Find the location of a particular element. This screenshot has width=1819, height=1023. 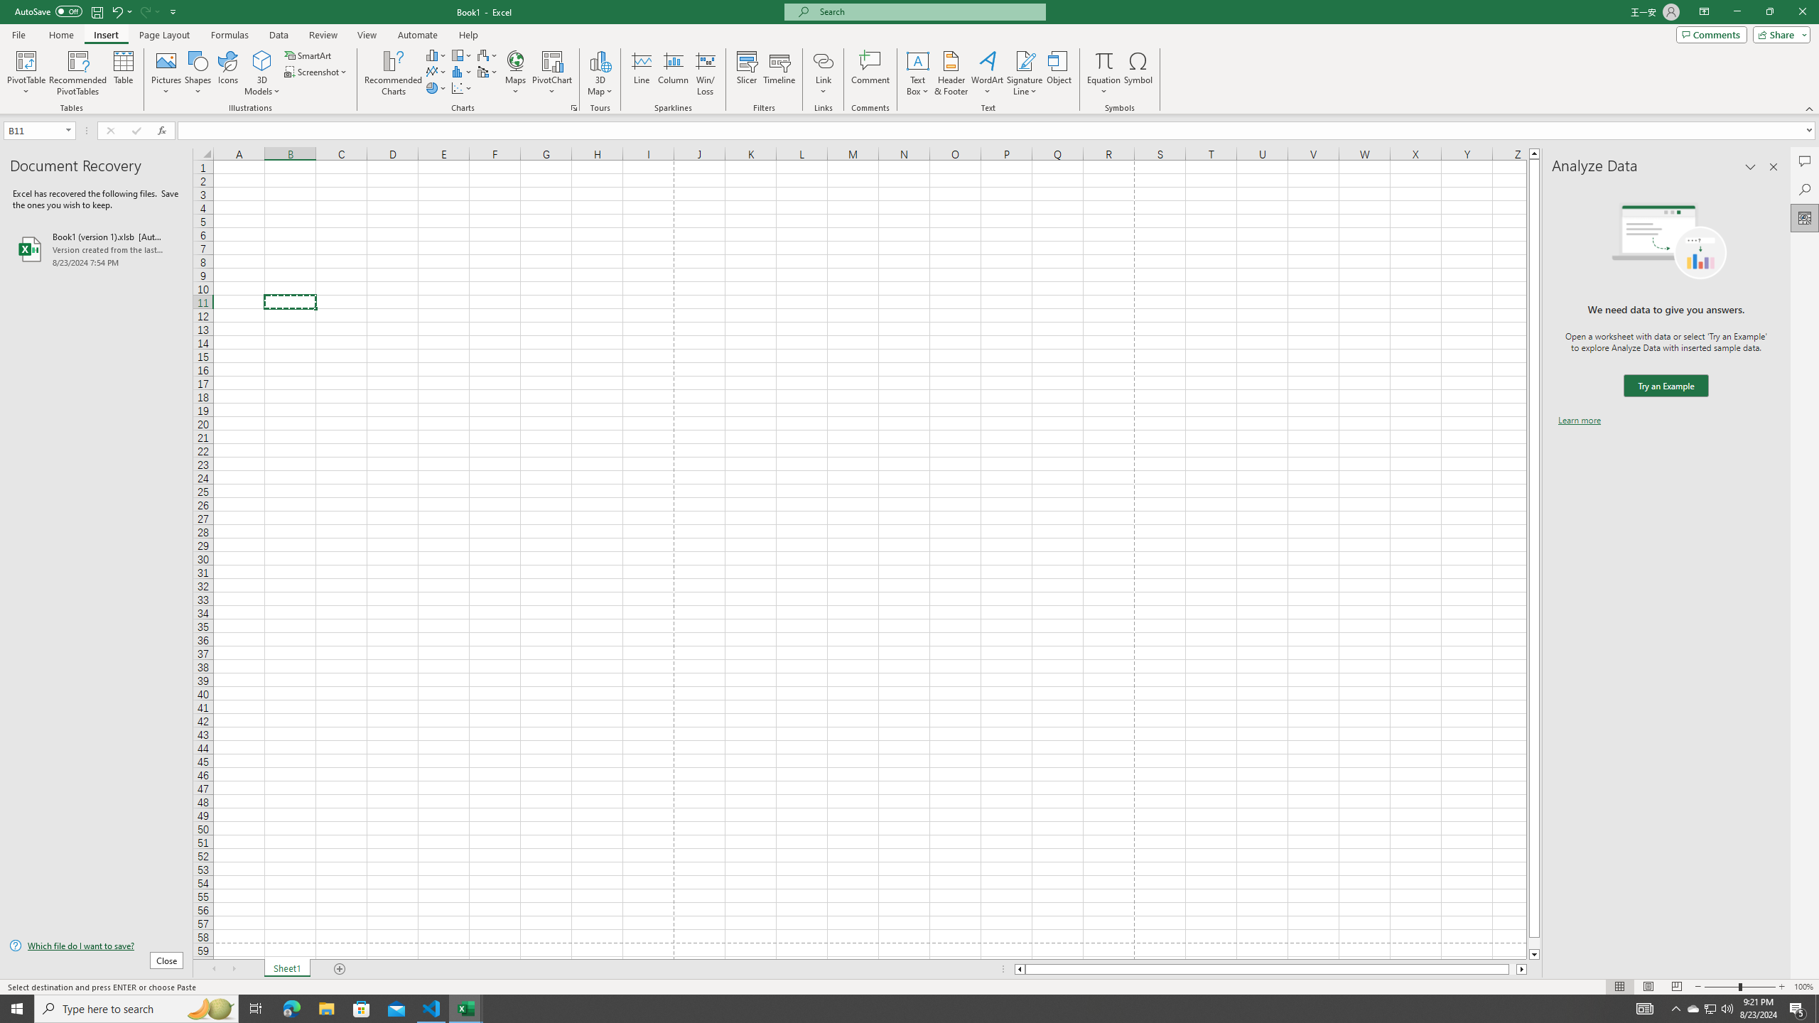

'Equation' is located at coordinates (1103, 73).